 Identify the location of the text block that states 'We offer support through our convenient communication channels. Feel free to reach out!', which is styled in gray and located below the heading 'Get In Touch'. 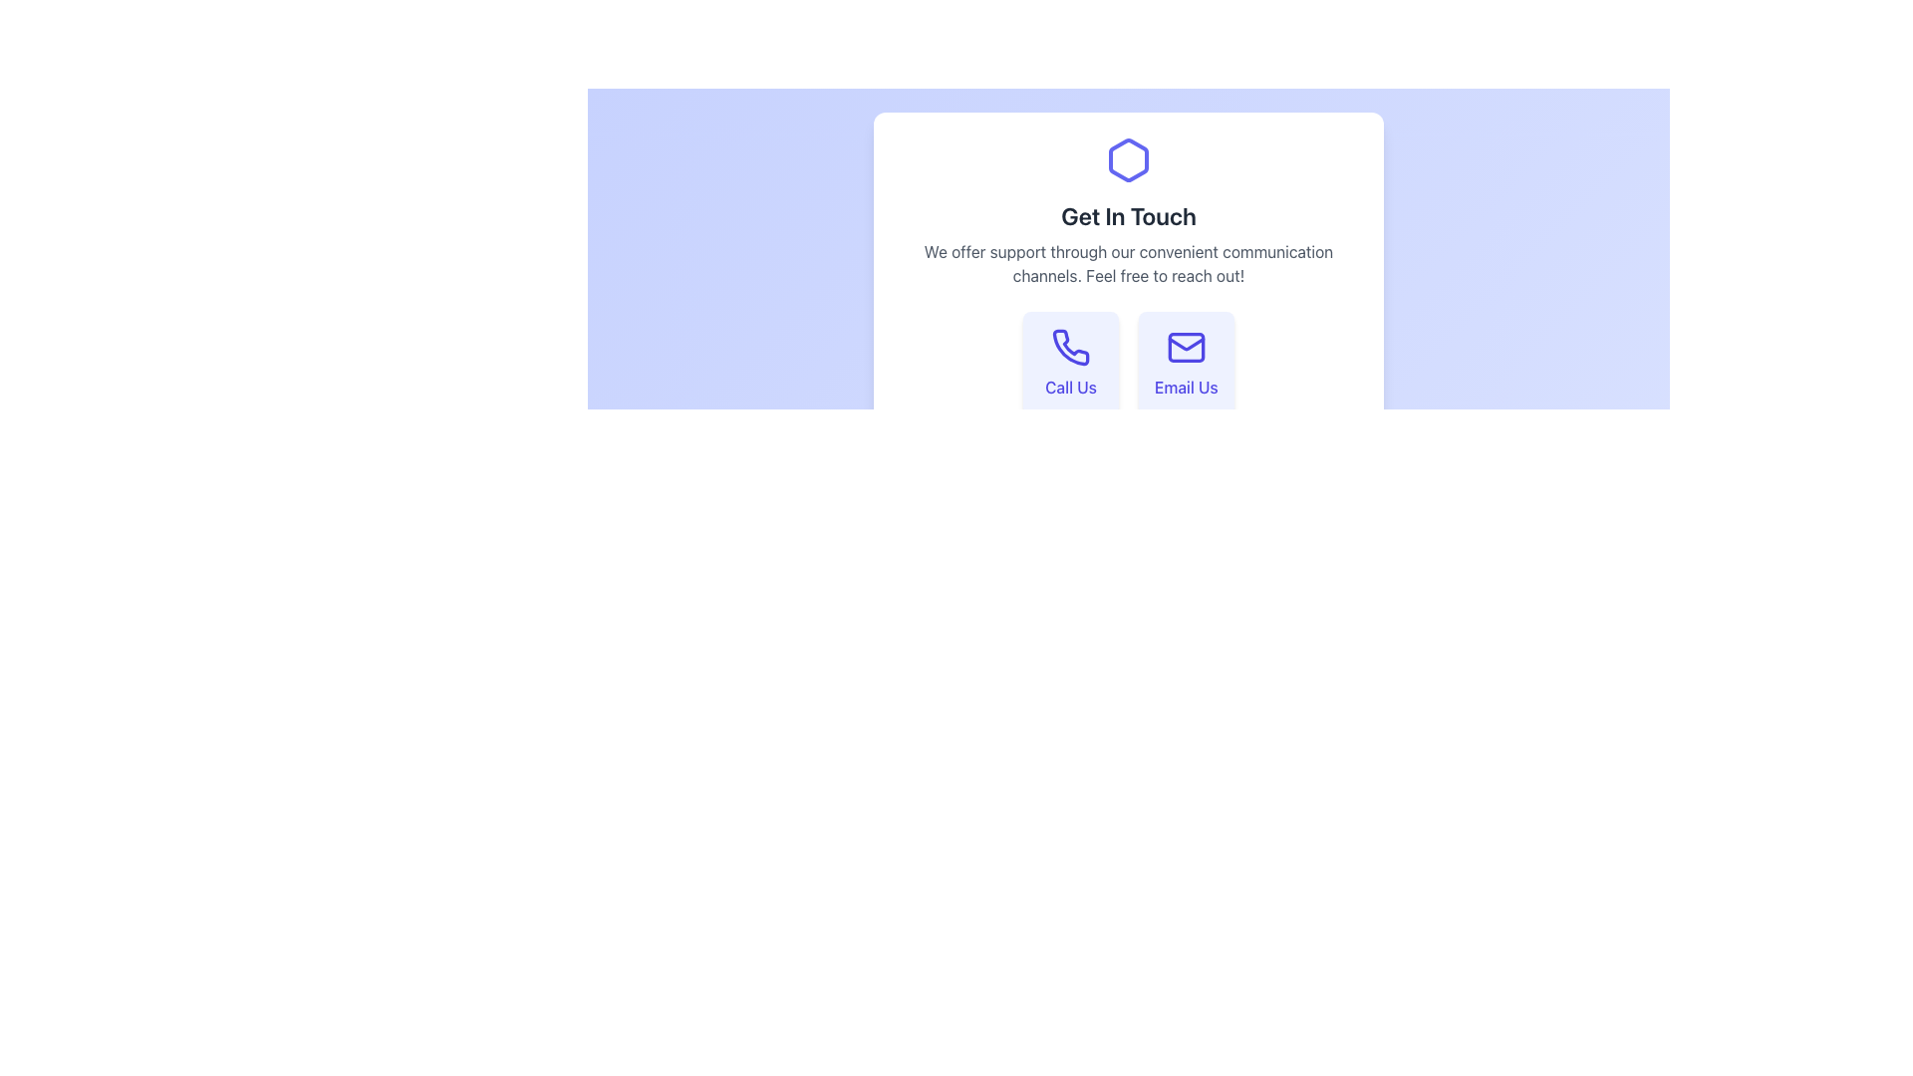
(1128, 263).